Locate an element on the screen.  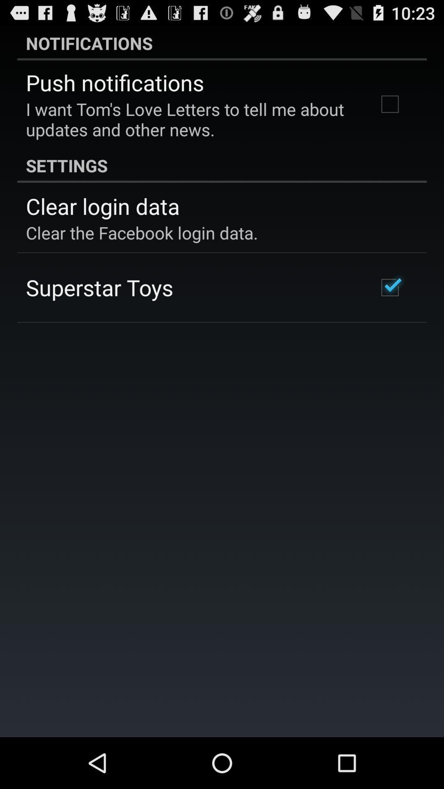
item above the superstar toys is located at coordinates (141, 232).